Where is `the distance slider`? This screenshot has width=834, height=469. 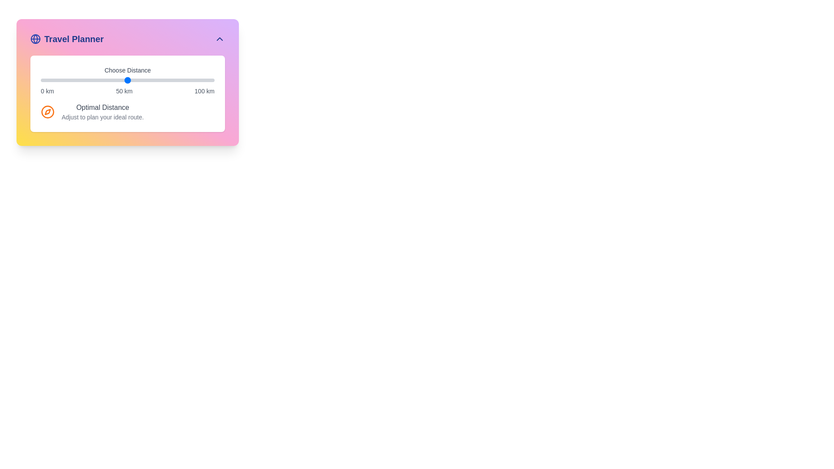 the distance slider is located at coordinates (98, 80).